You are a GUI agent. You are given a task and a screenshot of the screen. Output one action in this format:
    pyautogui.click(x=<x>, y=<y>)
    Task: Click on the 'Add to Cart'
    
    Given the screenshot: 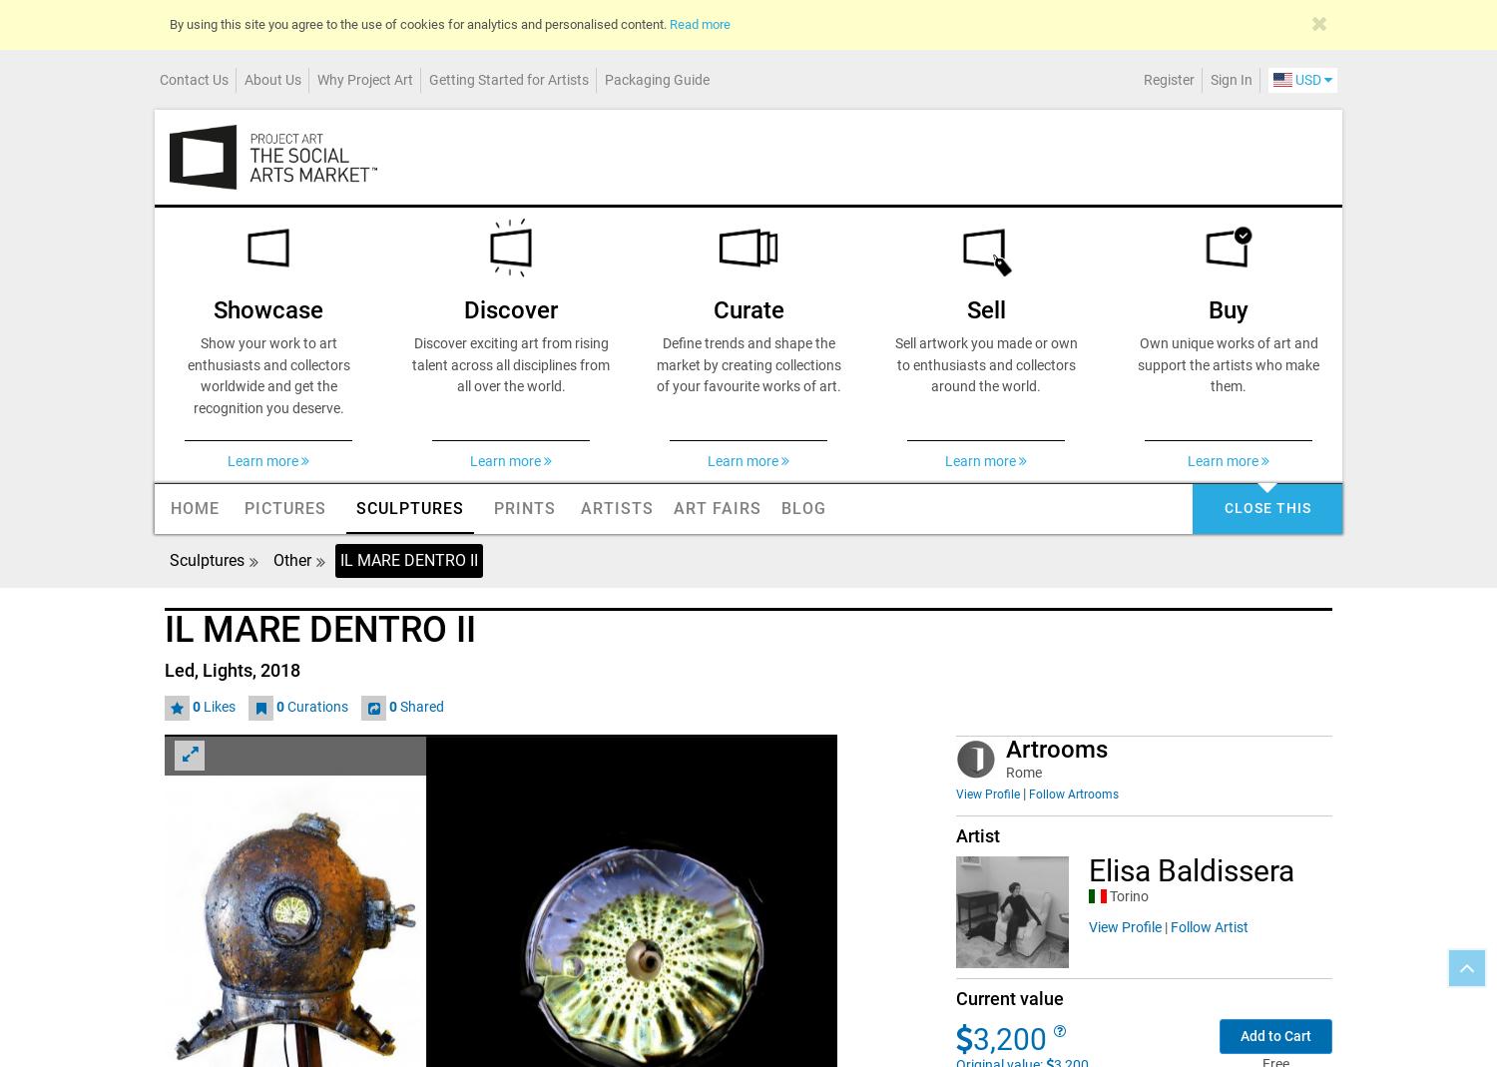 What is the action you would take?
    pyautogui.click(x=1274, y=1036)
    